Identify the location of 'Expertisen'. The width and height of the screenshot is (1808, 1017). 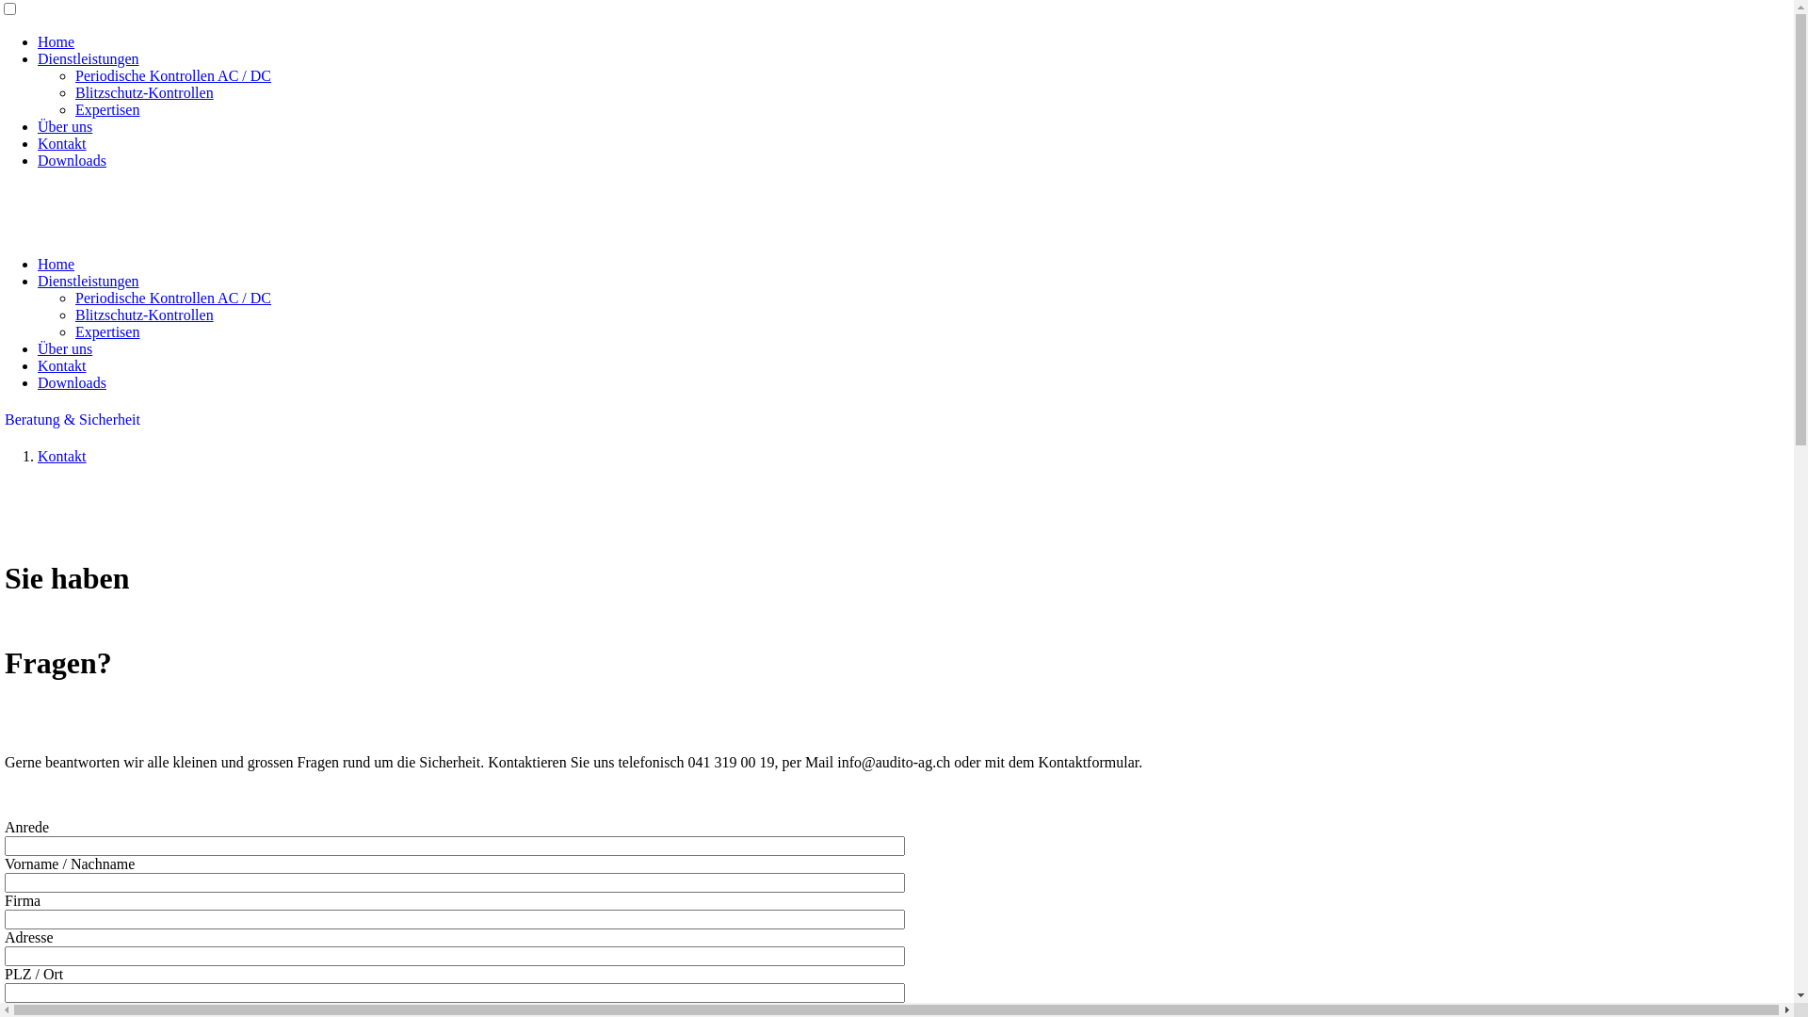
(75, 331).